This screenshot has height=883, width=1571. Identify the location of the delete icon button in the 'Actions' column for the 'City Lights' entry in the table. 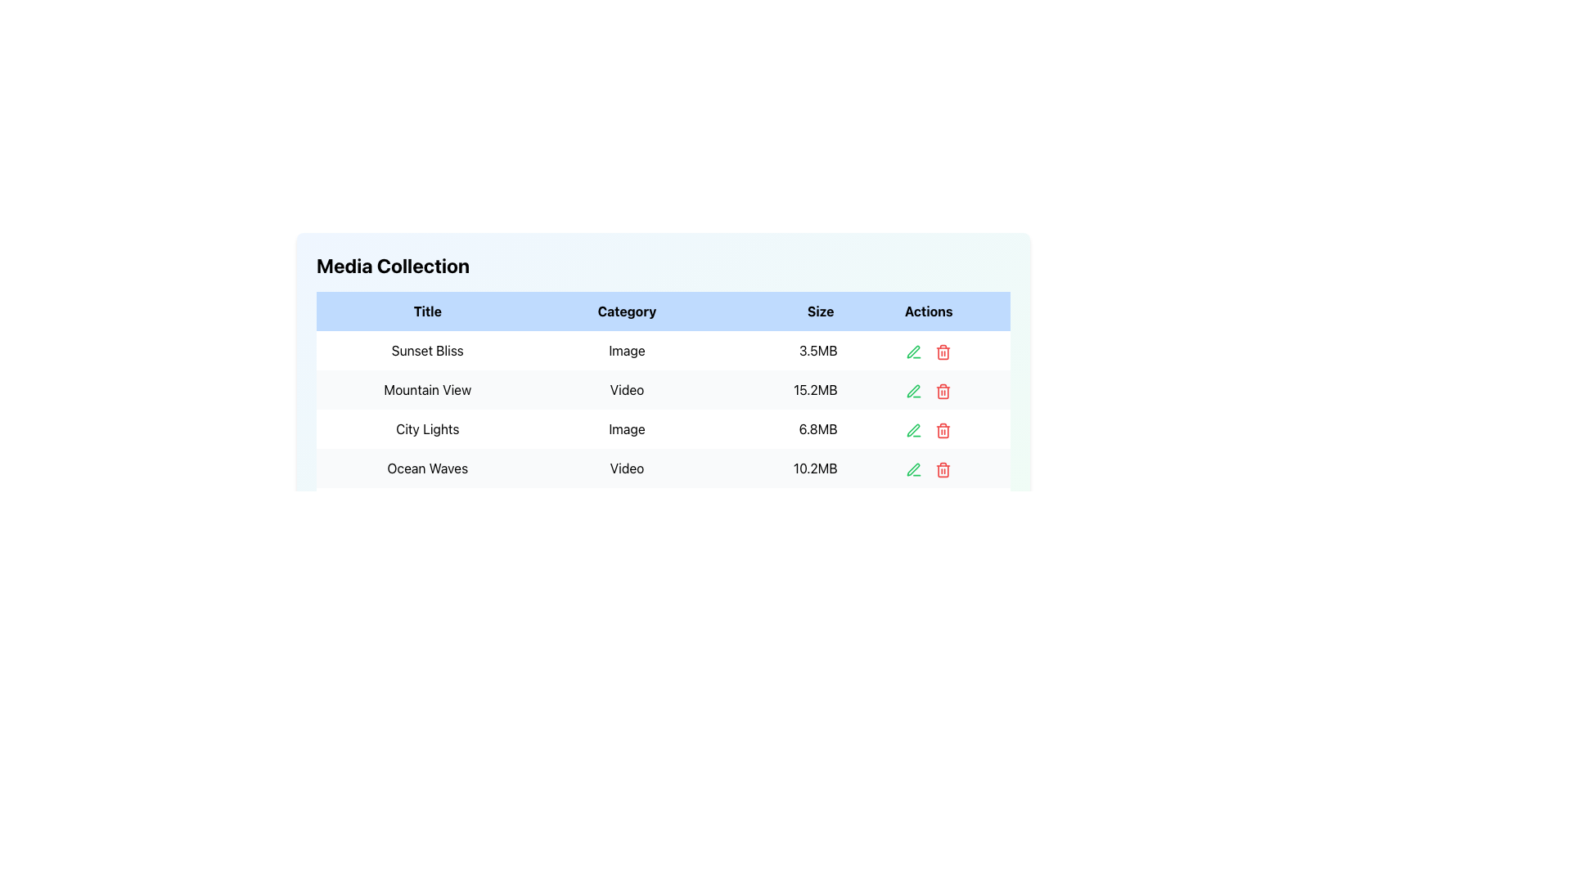
(943, 429).